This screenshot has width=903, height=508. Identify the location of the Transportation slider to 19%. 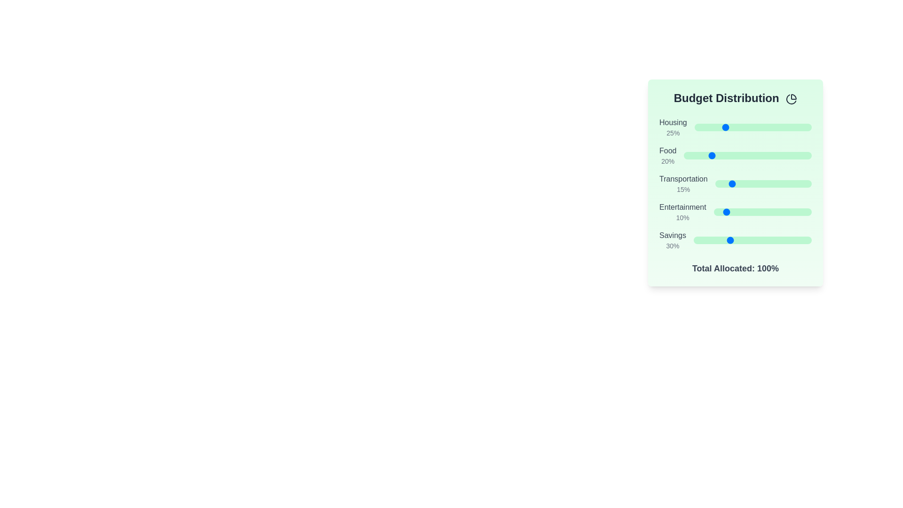
(733, 183).